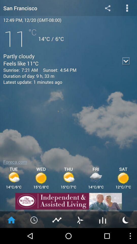 The image size is (137, 244). I want to click on the home page, so click(11, 219).